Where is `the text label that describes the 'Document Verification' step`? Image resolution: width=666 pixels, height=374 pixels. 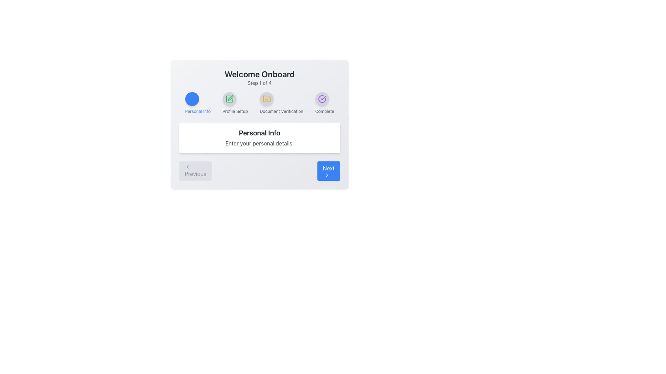
the text label that describes the 'Document Verification' step is located at coordinates (281, 111).